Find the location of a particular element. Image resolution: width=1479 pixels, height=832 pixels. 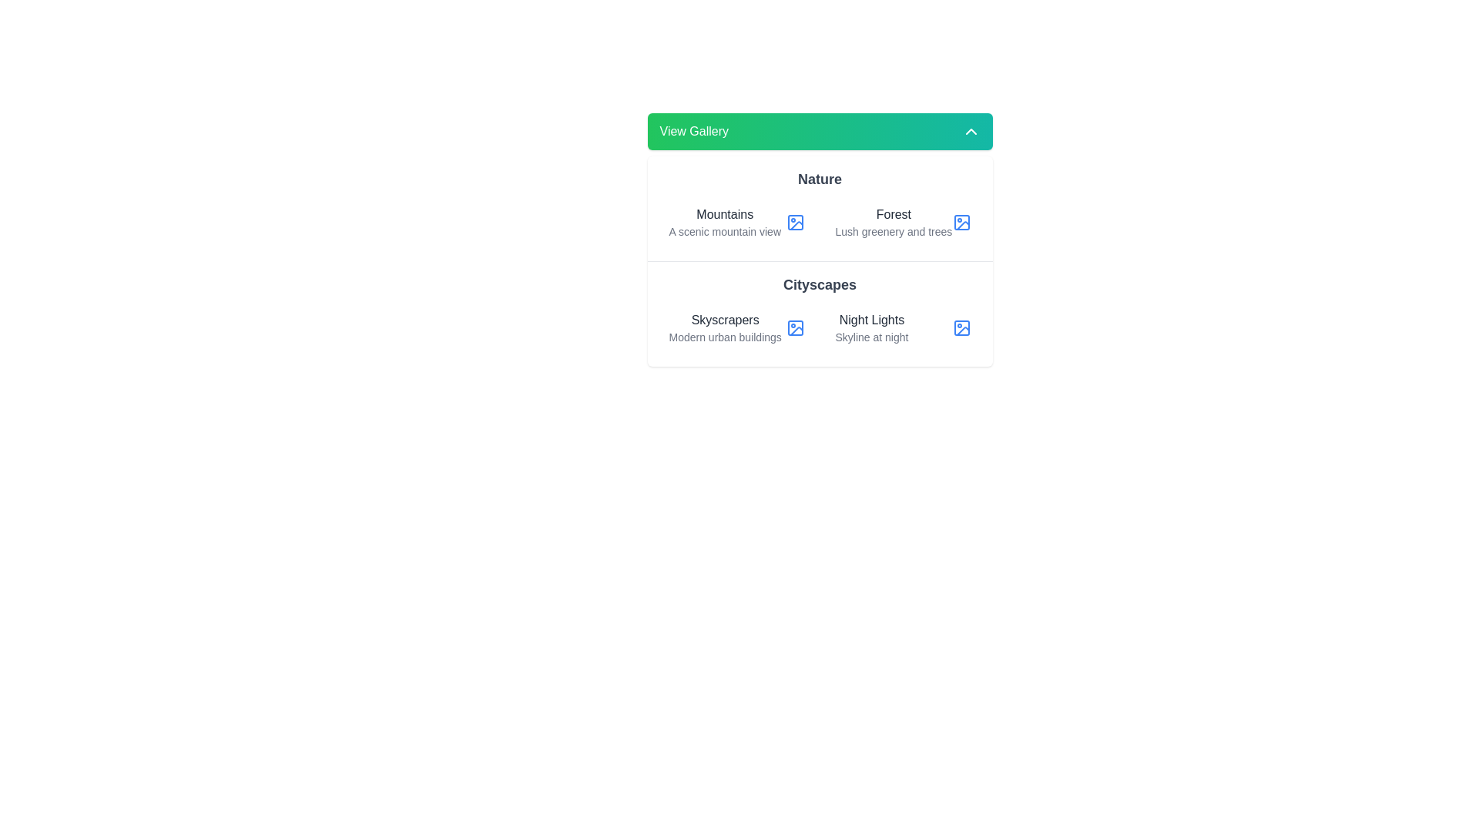

the descriptive text displaying 'Skyline at night' located beneath the title 'Night Lights' in the 'Cityscapes' section of the interface is located at coordinates (872, 337).